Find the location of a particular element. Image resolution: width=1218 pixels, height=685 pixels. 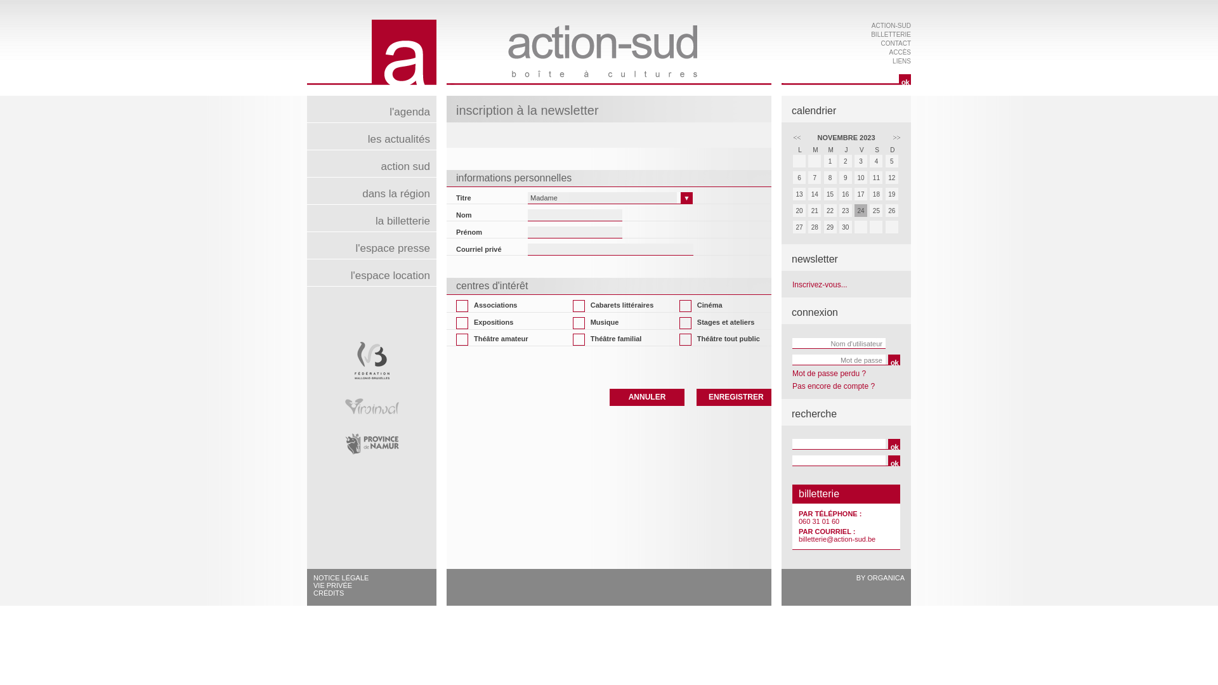

'2' is located at coordinates (838, 161).